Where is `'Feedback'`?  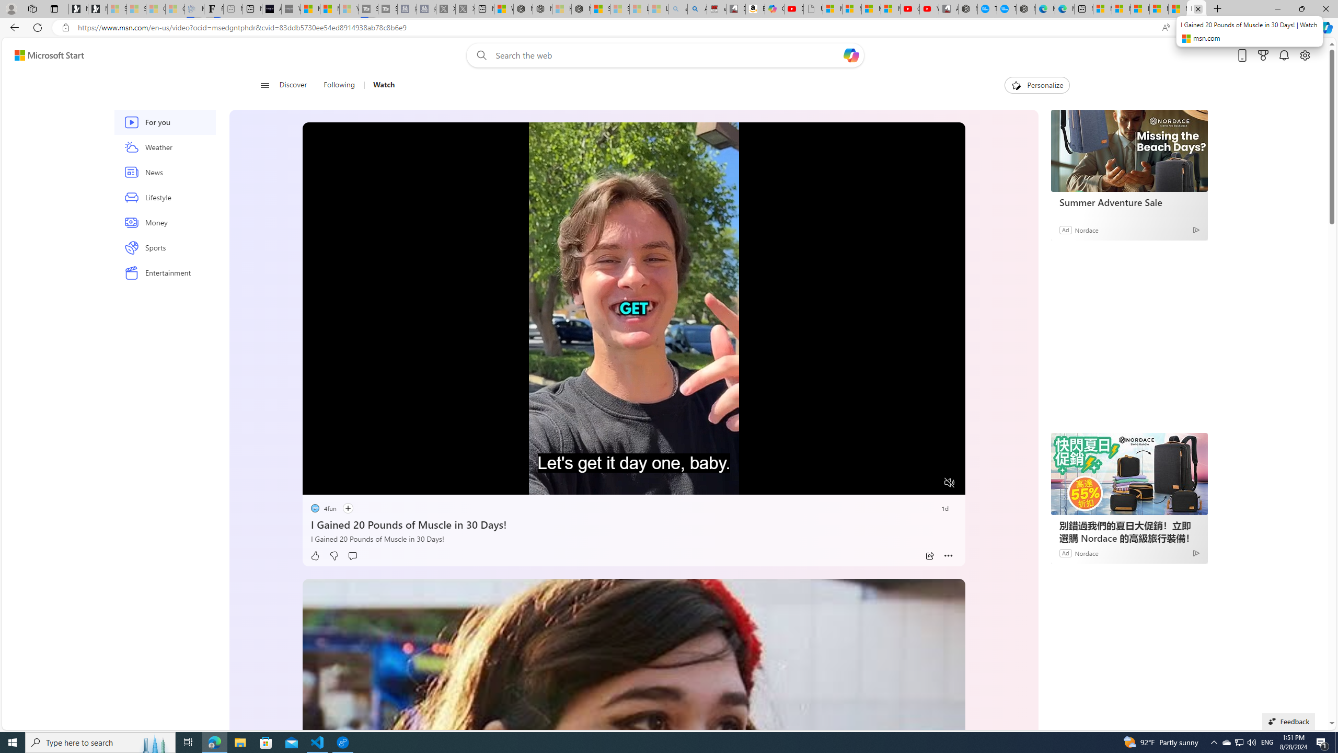
'Feedback' is located at coordinates (1288, 721).